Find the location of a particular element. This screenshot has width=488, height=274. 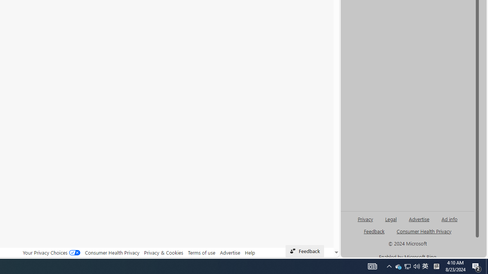

'Help' is located at coordinates (250, 252).